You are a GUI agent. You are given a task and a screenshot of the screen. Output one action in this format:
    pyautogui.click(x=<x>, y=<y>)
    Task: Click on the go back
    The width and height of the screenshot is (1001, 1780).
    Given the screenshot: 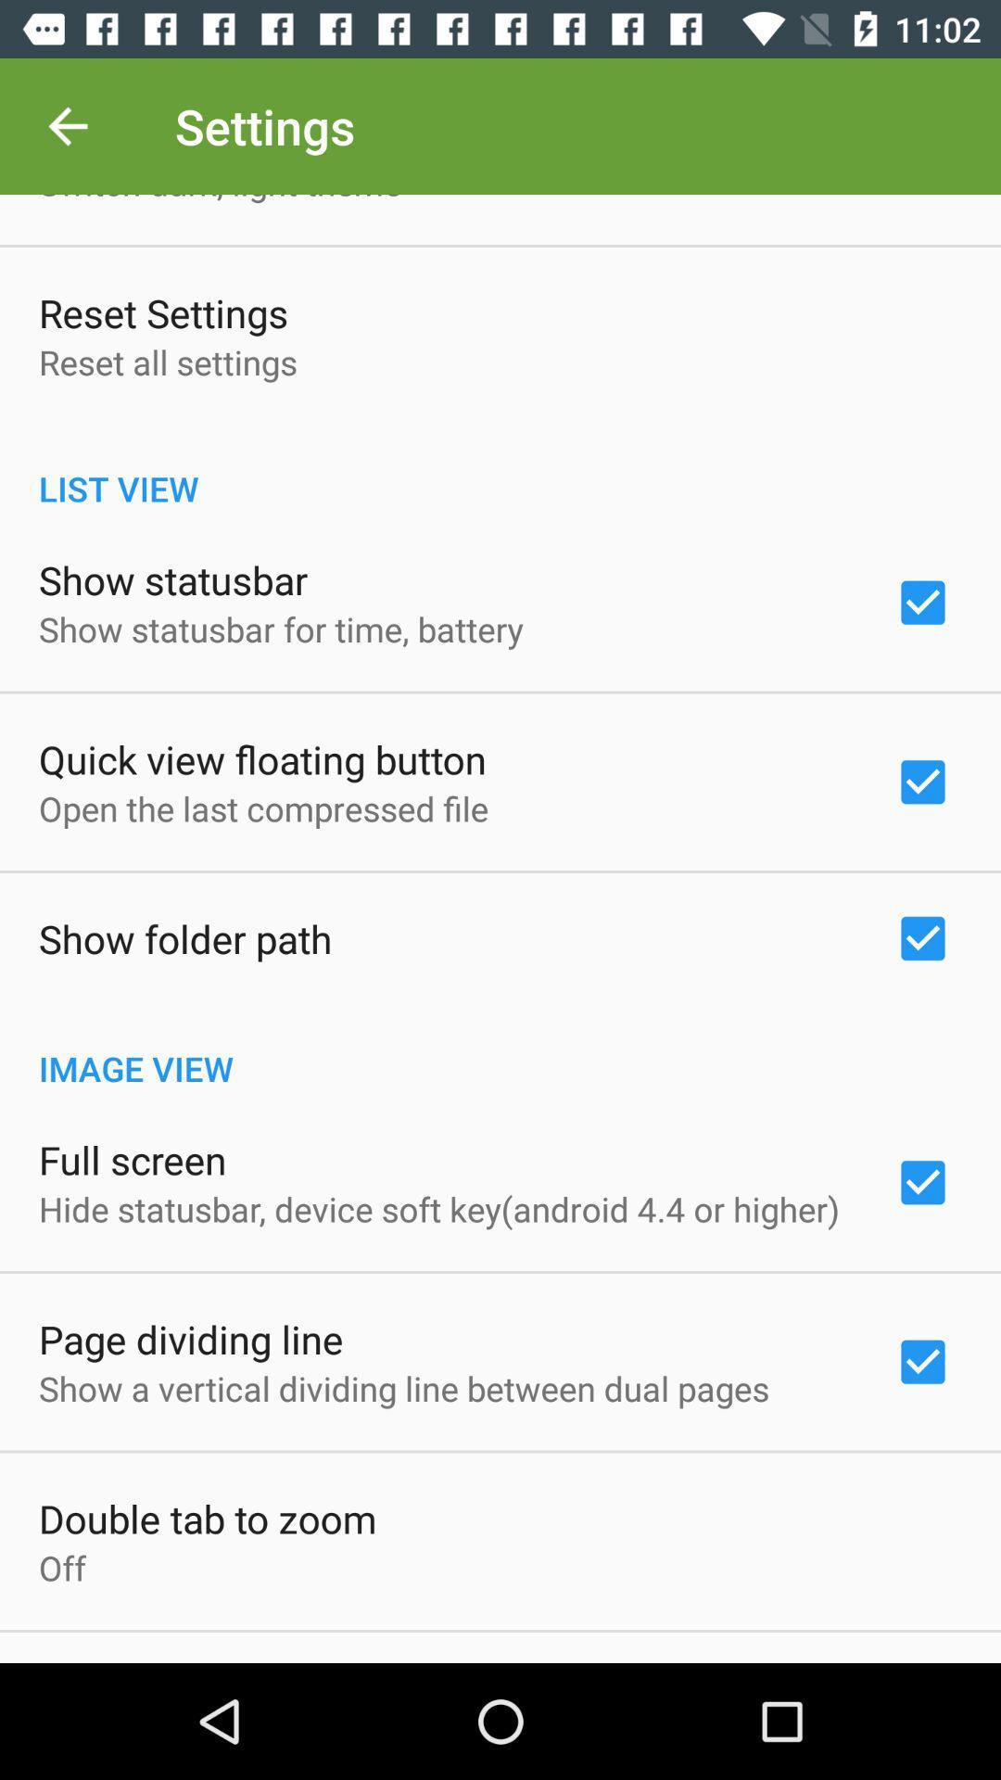 What is the action you would take?
    pyautogui.click(x=67, y=125)
    